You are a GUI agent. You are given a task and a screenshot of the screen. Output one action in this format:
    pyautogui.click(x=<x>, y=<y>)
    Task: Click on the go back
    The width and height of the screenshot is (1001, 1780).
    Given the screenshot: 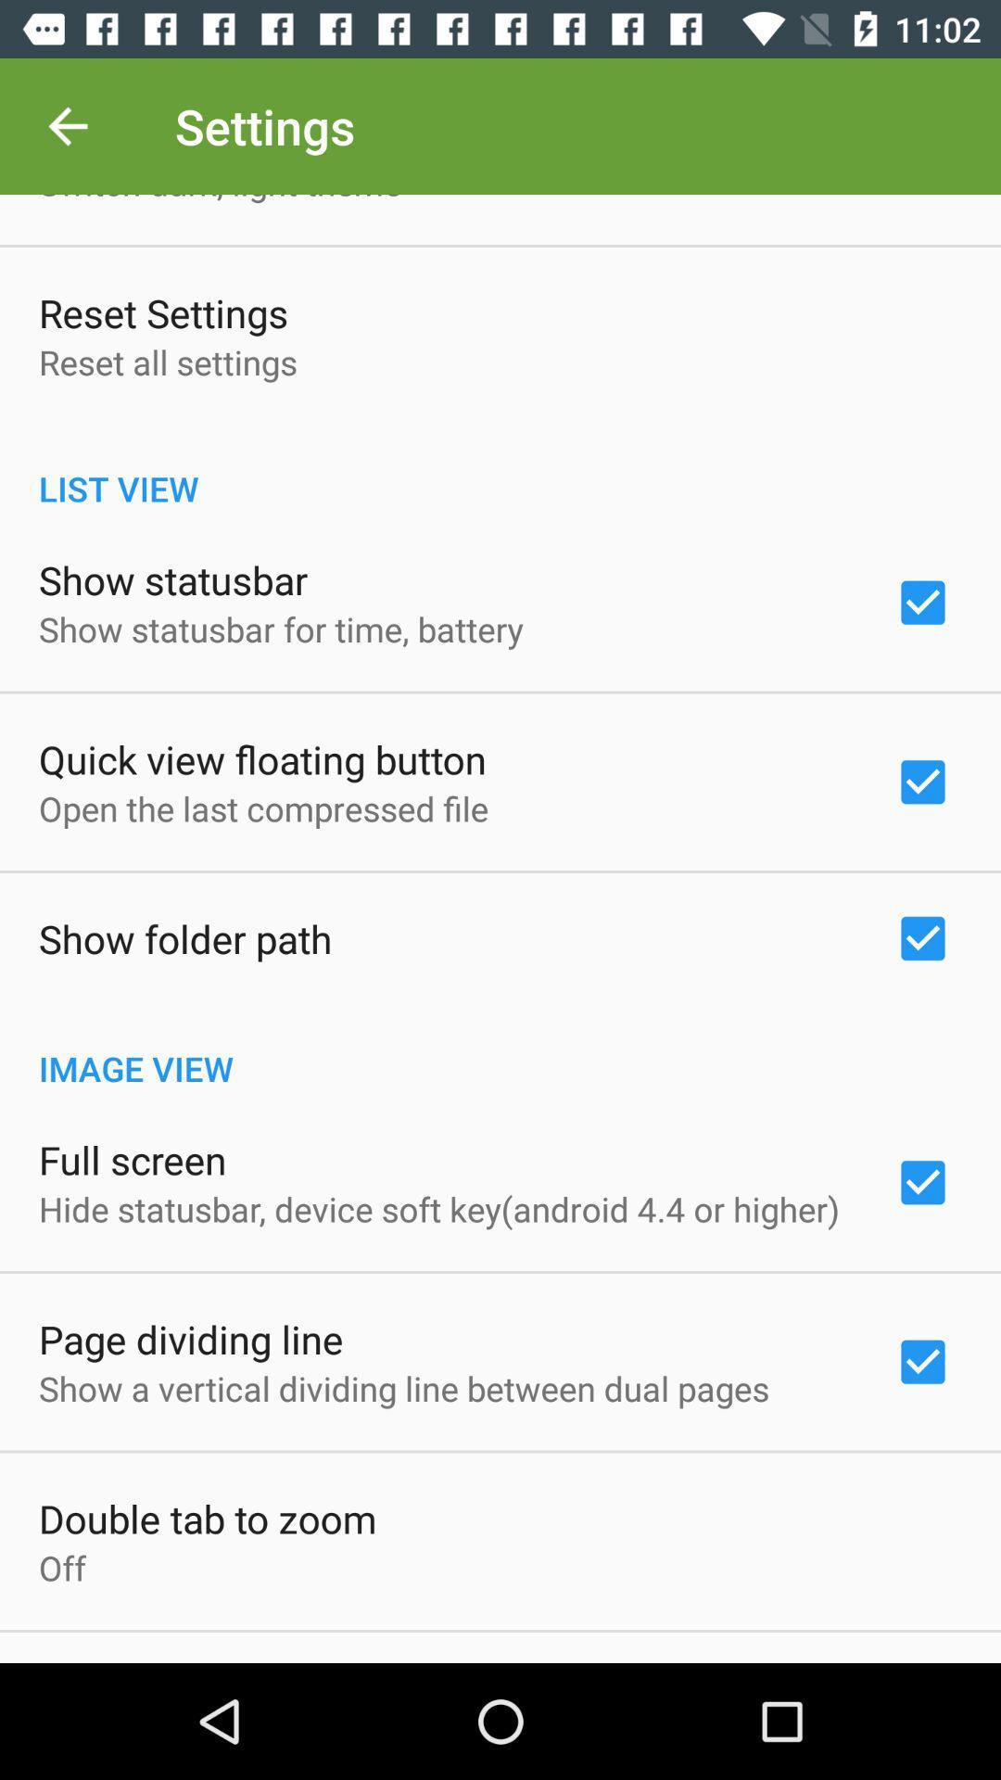 What is the action you would take?
    pyautogui.click(x=67, y=125)
    